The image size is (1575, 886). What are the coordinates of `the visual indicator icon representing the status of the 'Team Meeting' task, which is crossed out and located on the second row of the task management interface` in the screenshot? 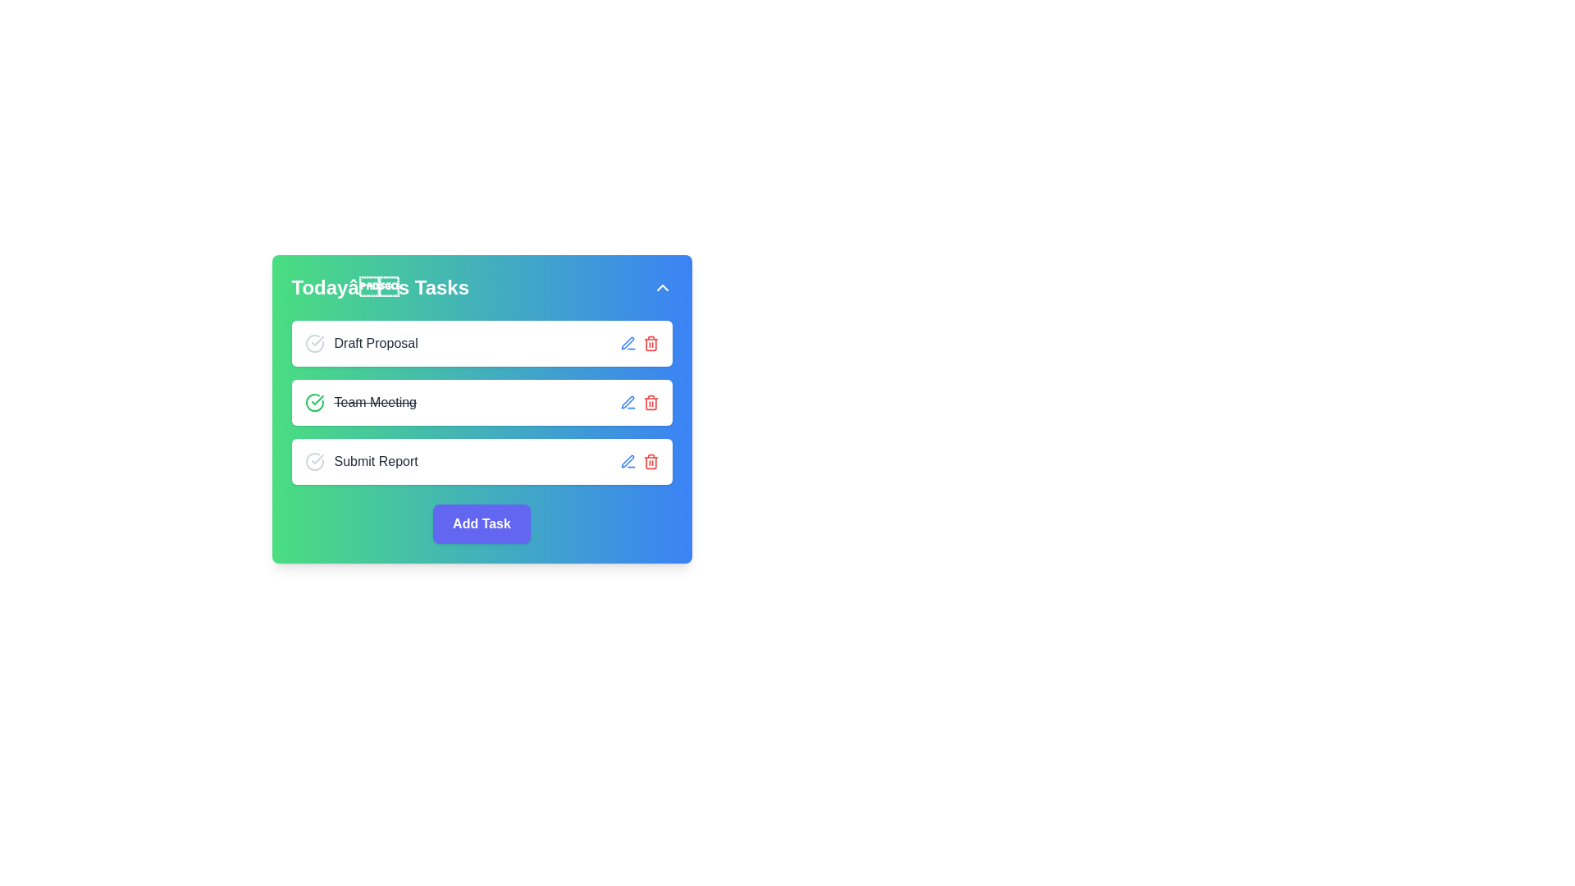 It's located at (314, 402).